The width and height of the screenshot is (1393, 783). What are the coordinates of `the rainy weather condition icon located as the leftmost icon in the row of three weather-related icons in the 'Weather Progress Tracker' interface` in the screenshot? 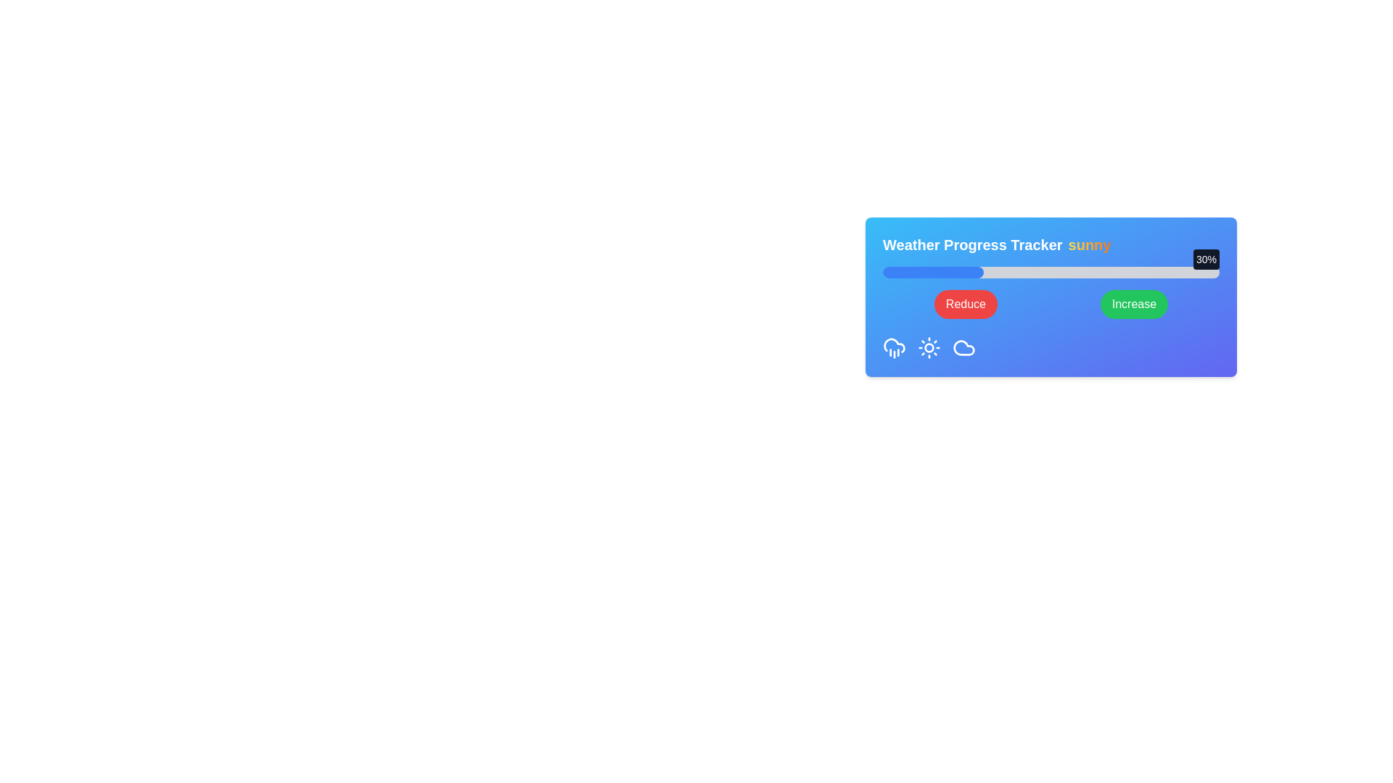 It's located at (894, 347).